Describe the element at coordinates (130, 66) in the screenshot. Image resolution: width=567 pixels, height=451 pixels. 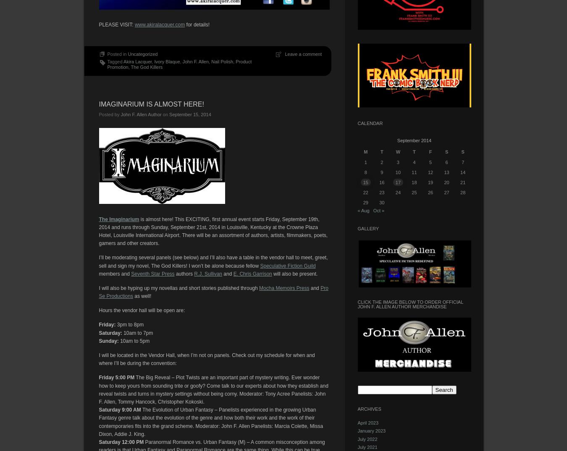
I see `'The God Killers'` at that location.